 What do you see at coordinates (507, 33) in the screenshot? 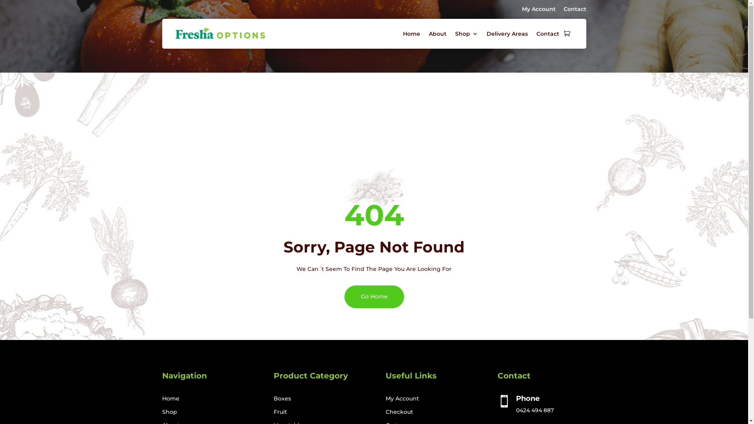
I see `'Delivery Areas'` at bounding box center [507, 33].